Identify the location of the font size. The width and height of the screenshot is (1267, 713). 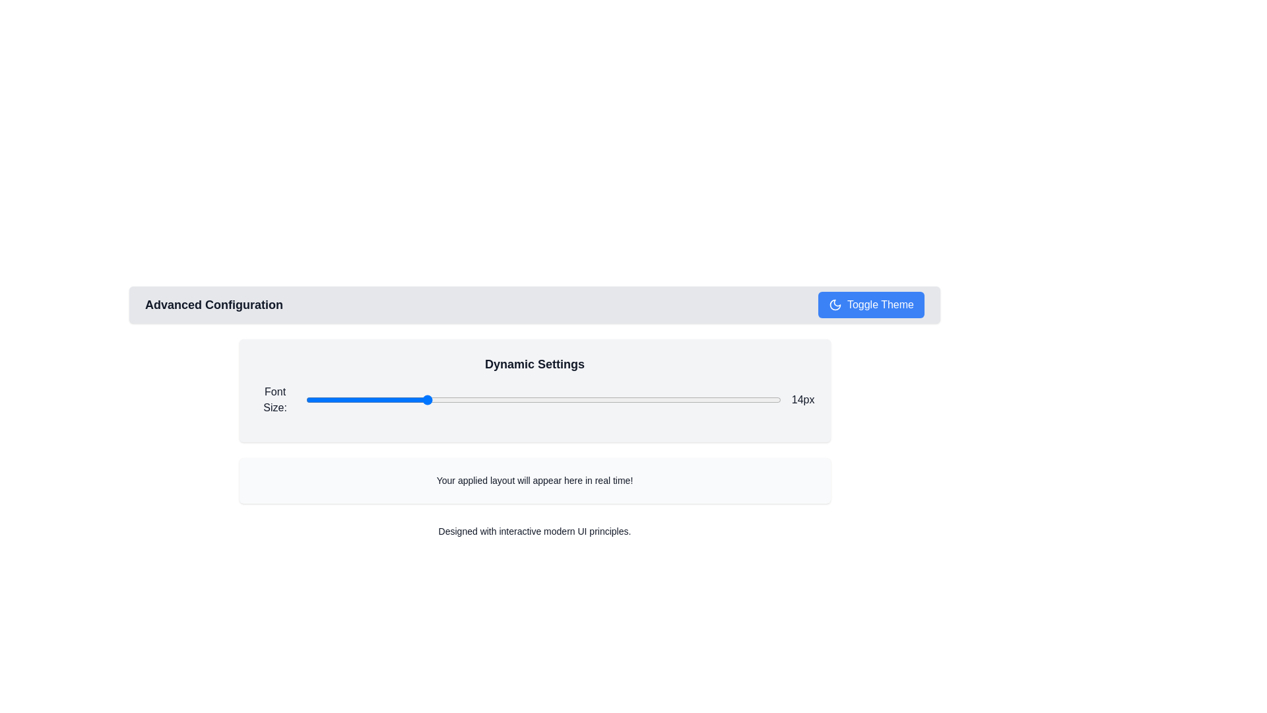
(424, 399).